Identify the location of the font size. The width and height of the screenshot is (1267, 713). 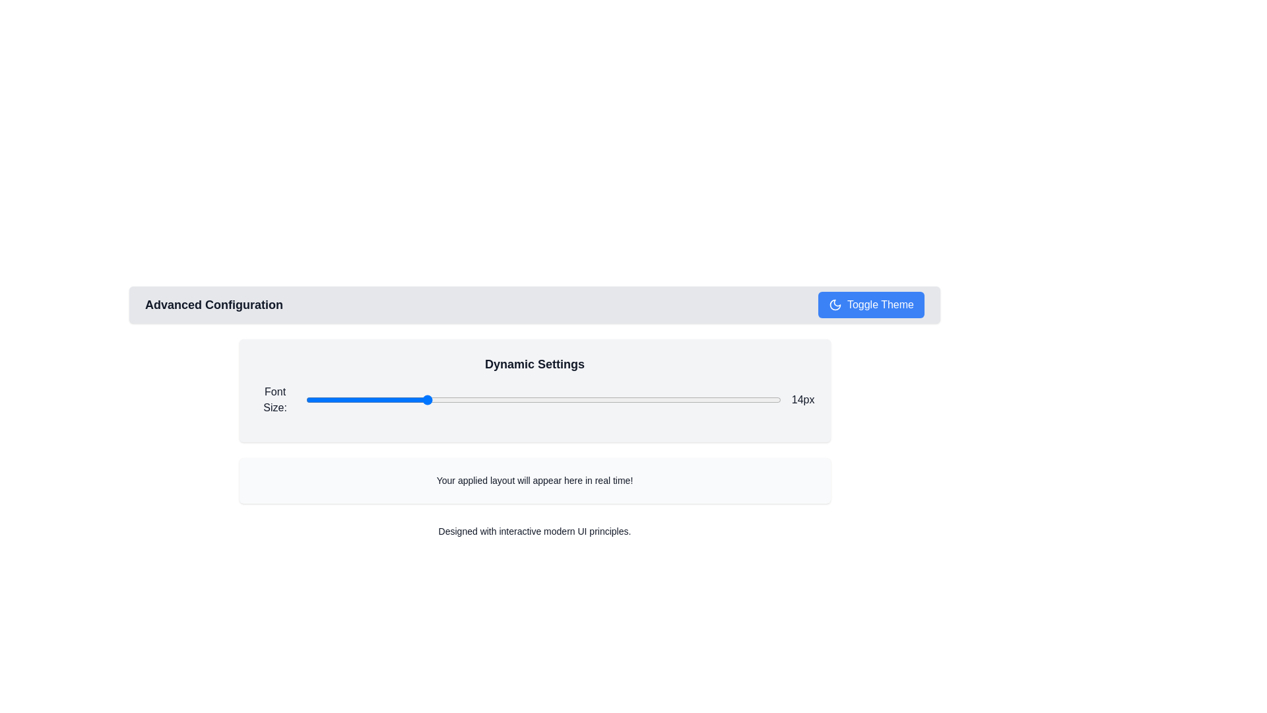
(424, 399).